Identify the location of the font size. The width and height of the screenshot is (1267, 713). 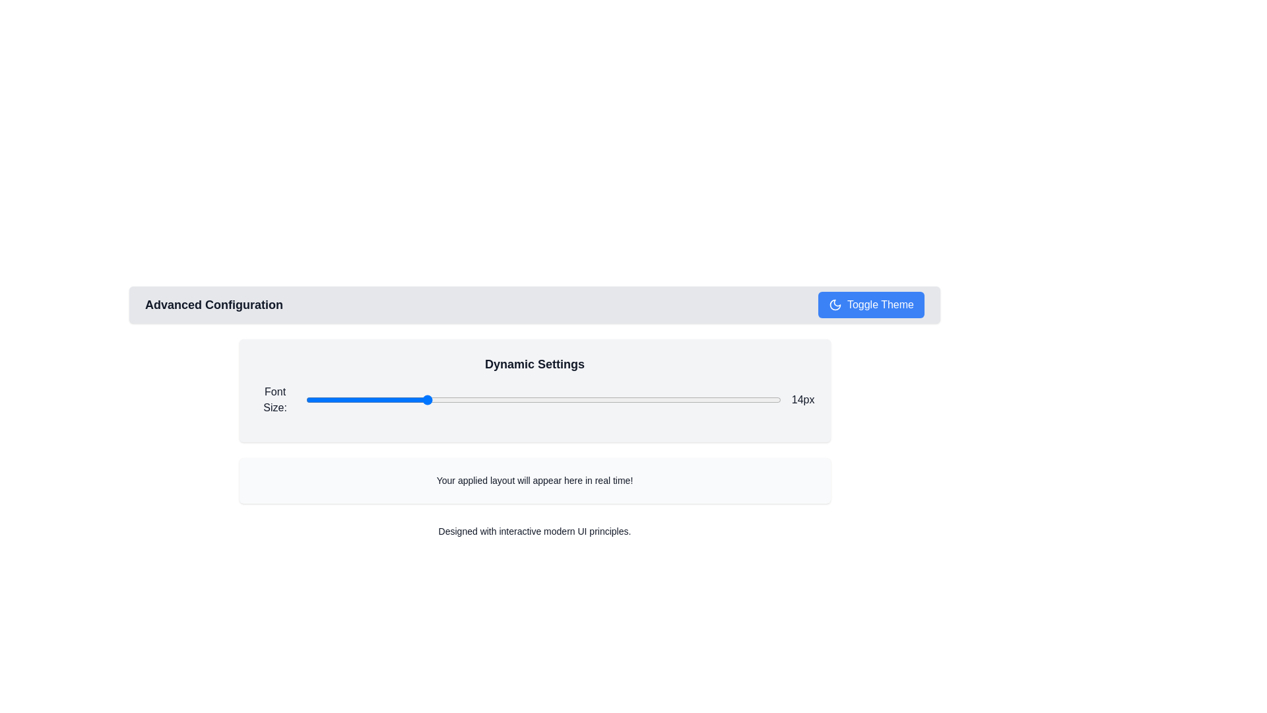
(424, 399).